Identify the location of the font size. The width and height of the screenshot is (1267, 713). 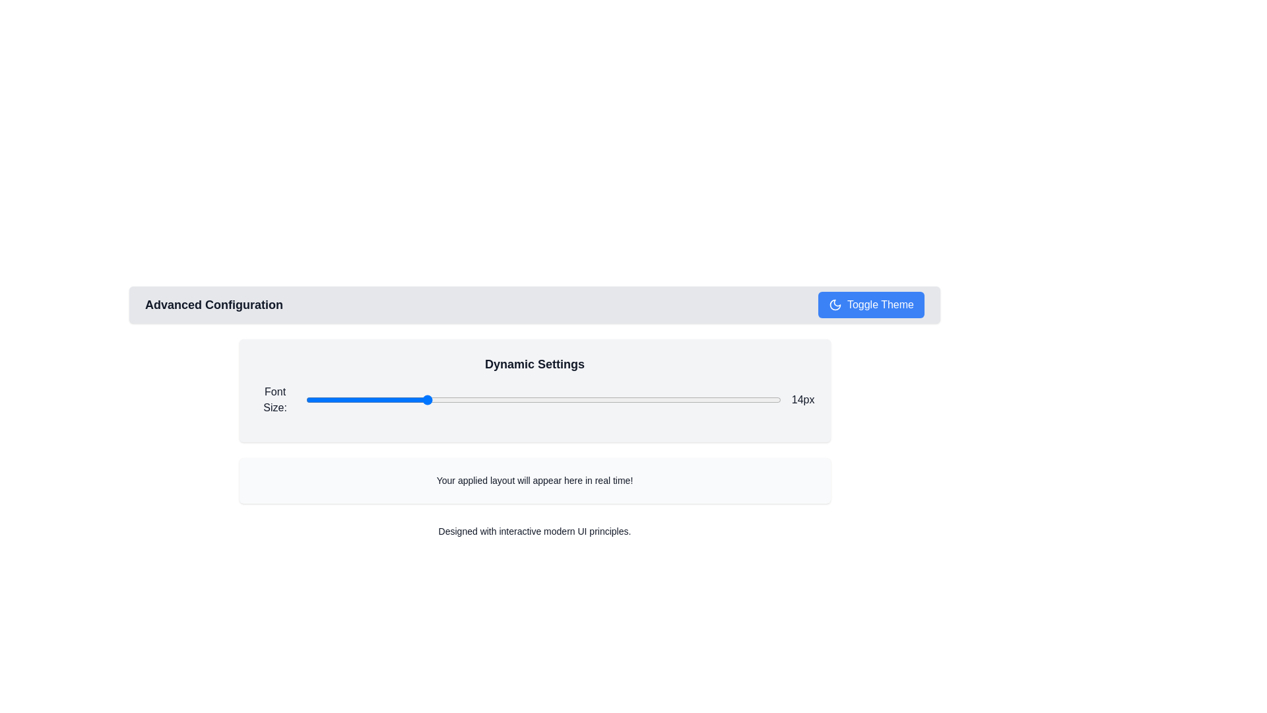
(424, 399).